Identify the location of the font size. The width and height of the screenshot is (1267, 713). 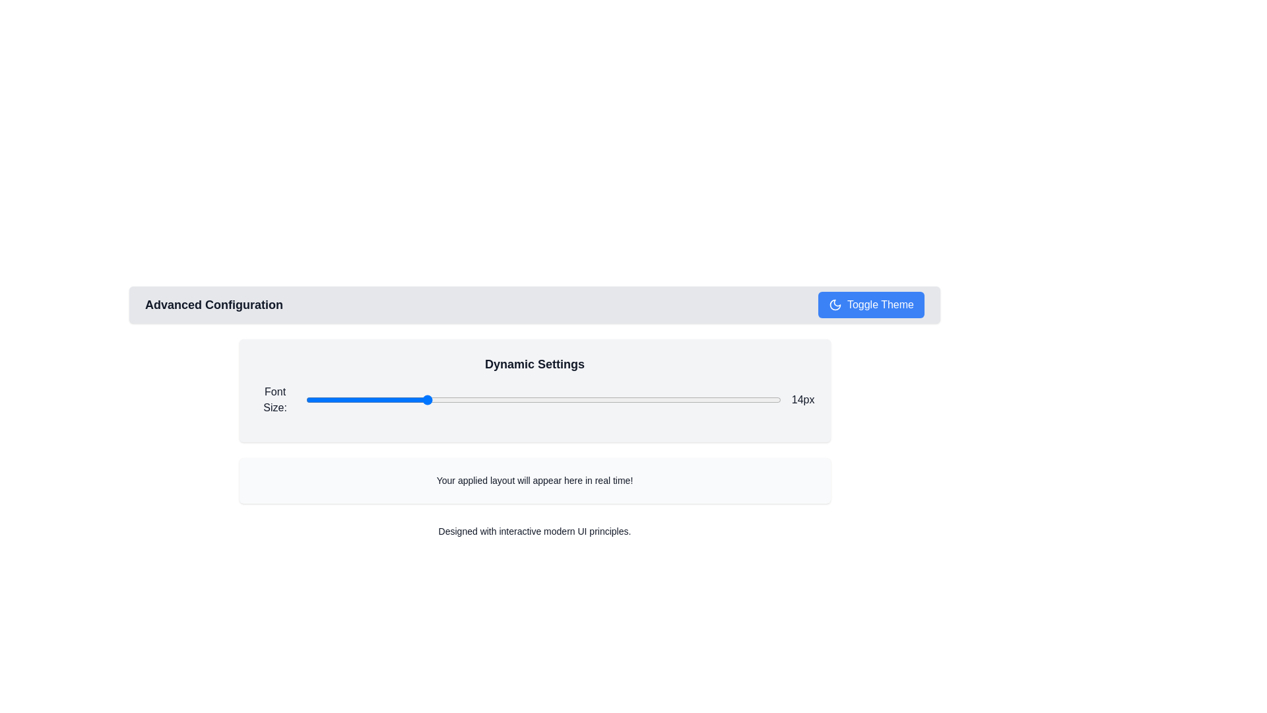
(424, 399).